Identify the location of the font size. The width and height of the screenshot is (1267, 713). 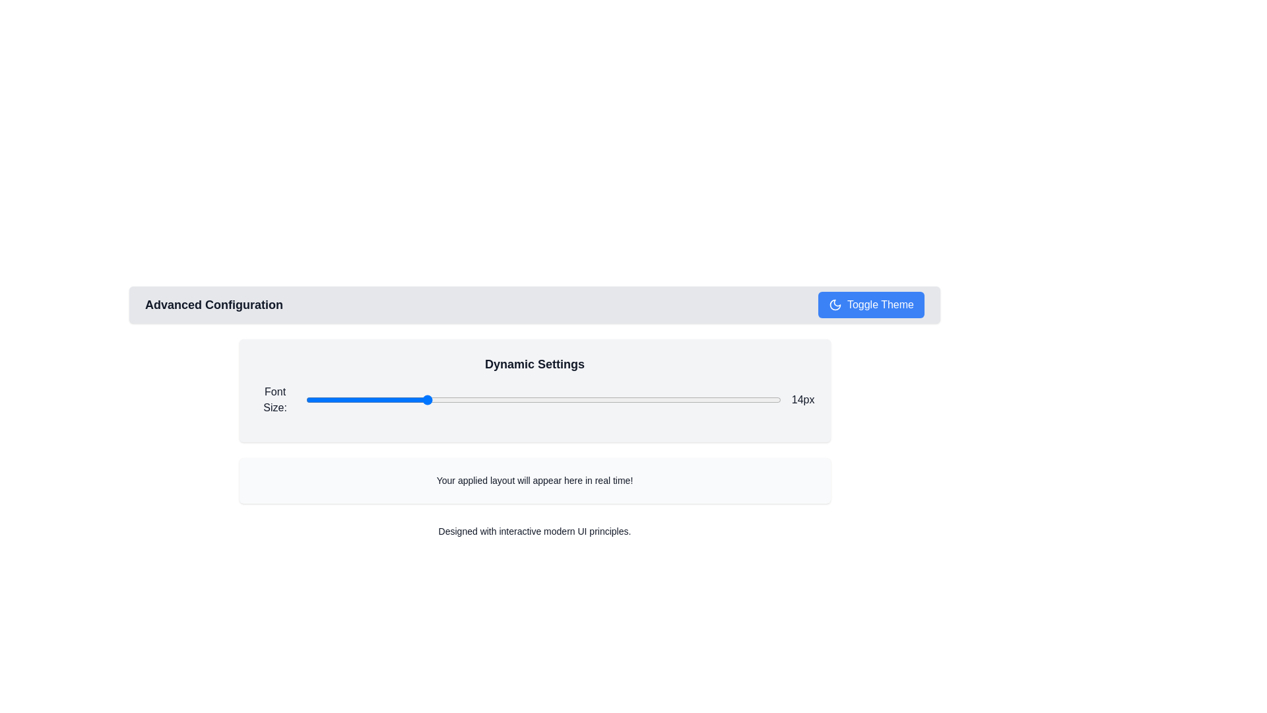
(424, 399).